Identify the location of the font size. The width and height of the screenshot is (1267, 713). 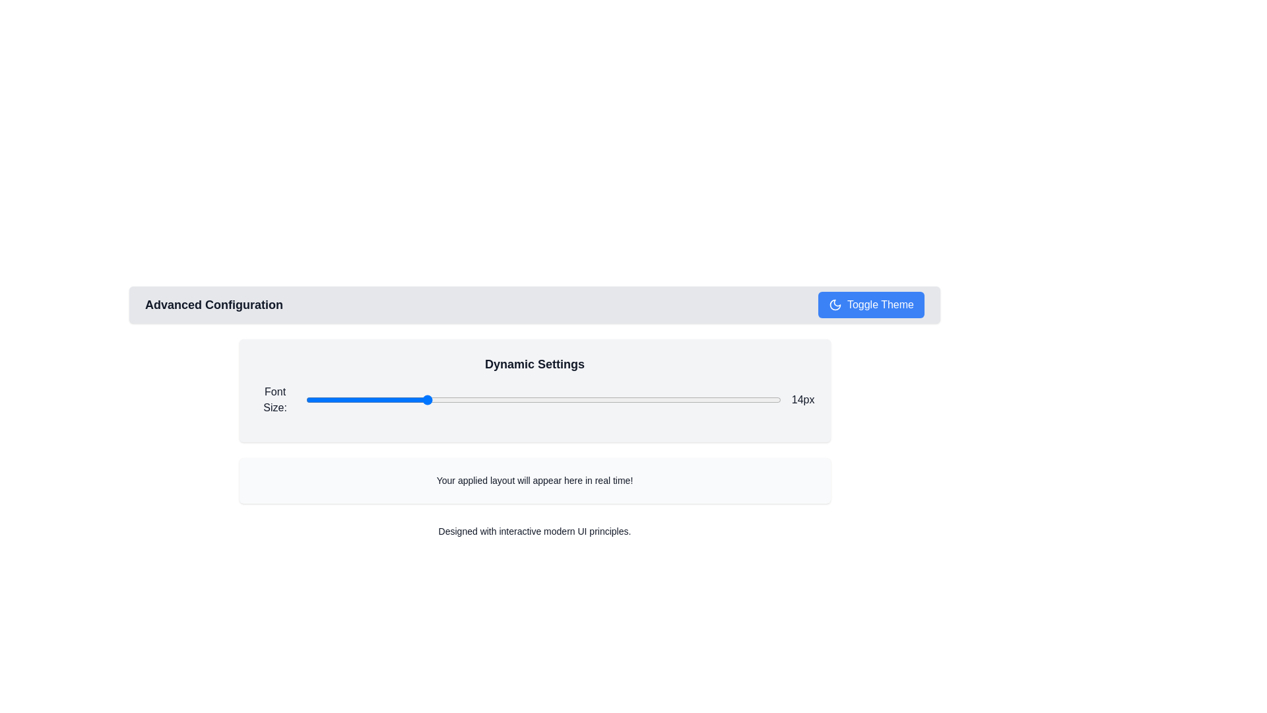
(424, 399).